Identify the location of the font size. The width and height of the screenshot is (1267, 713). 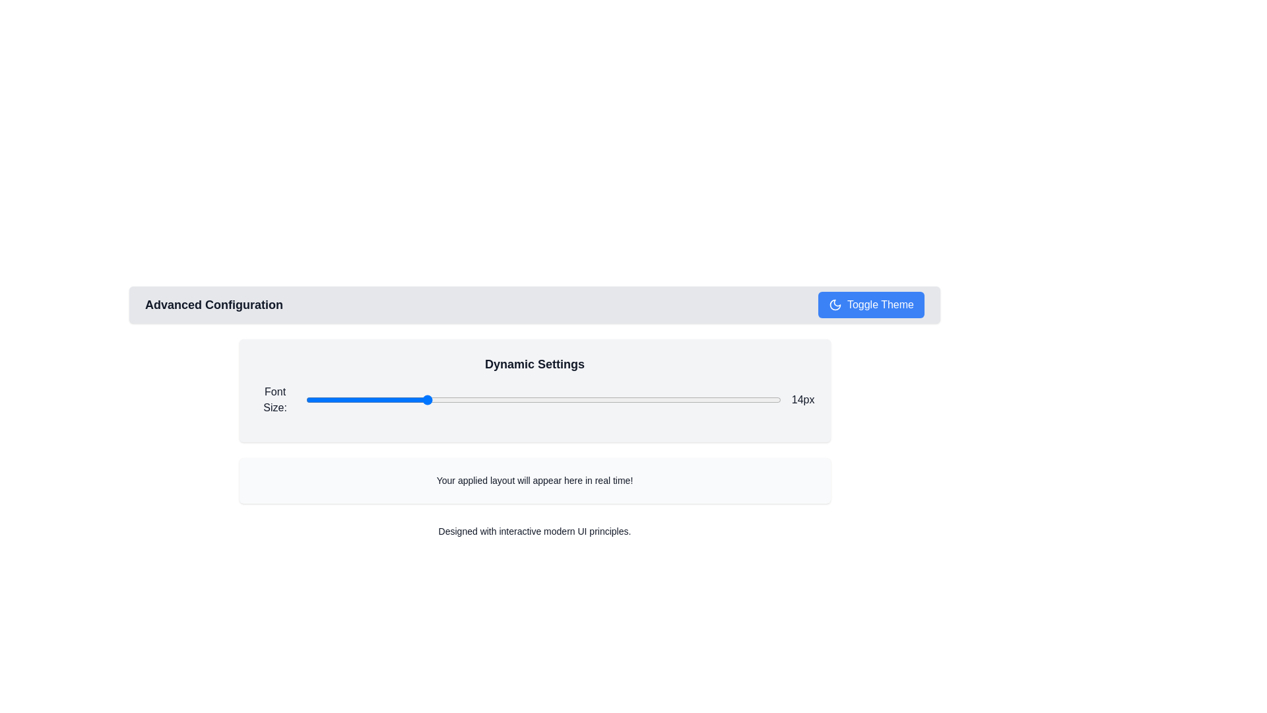
(424, 399).